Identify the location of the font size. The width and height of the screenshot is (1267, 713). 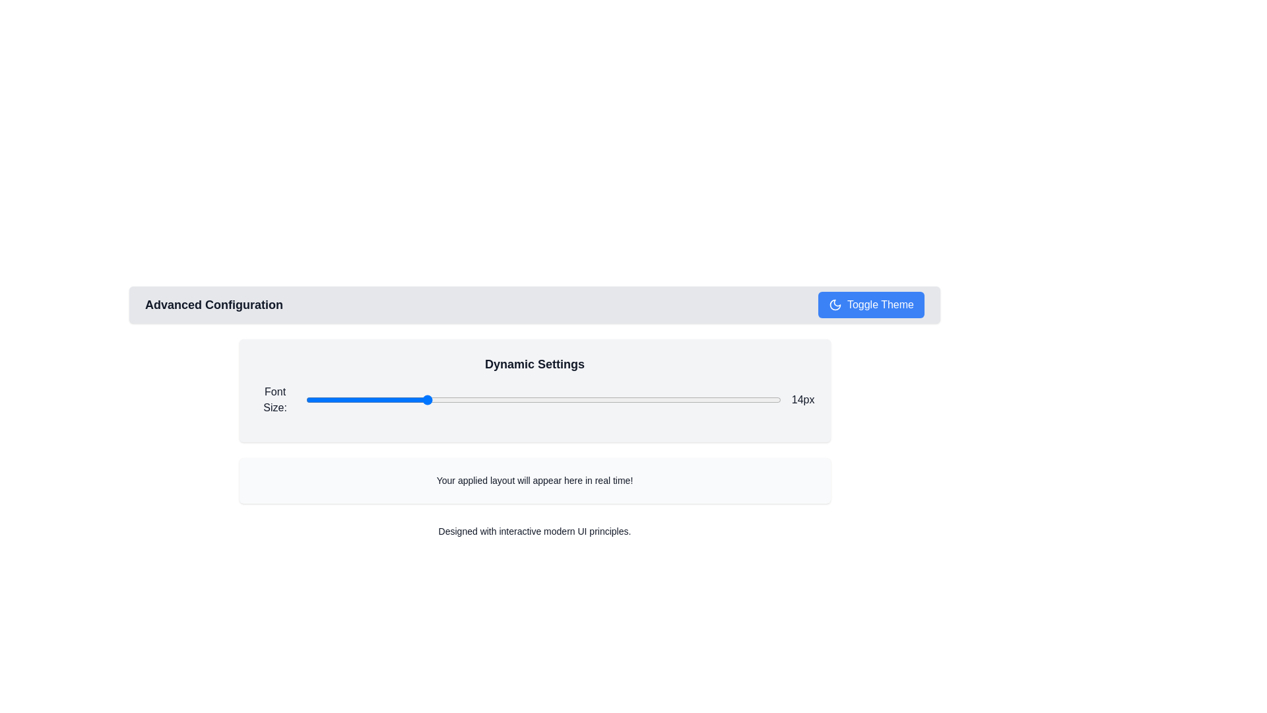
(424, 399).